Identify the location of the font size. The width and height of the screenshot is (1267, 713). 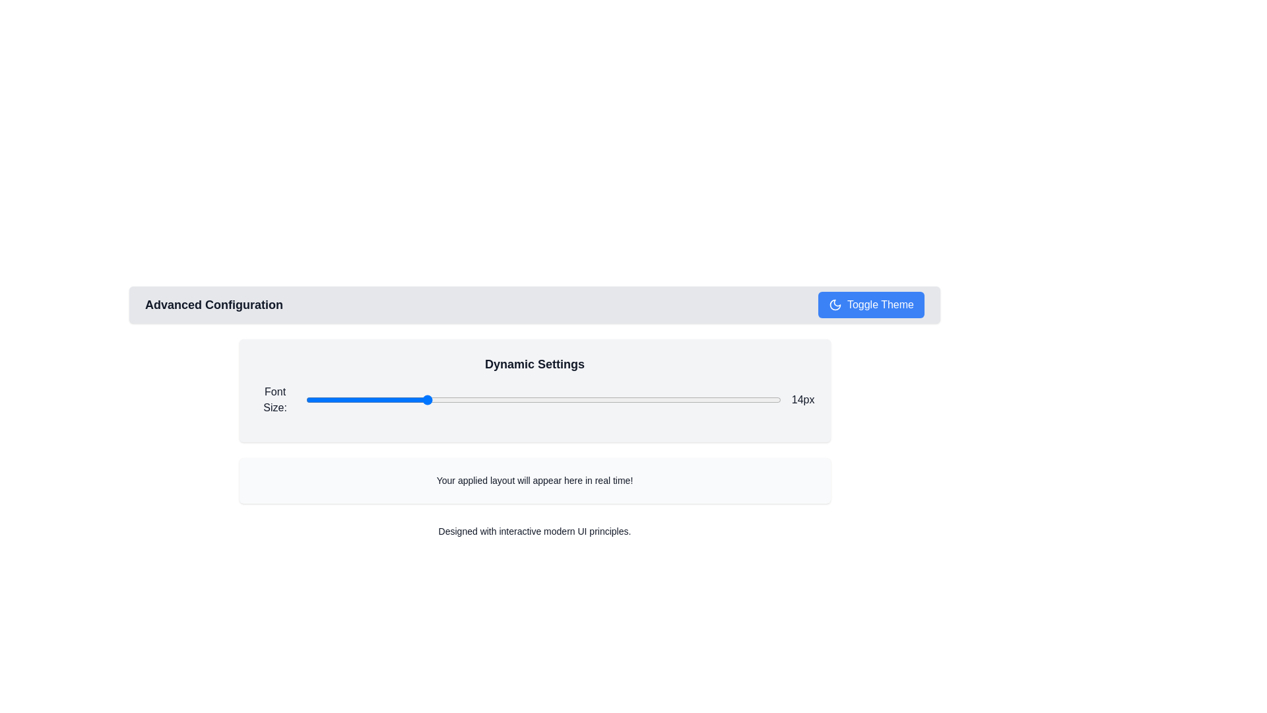
(424, 399).